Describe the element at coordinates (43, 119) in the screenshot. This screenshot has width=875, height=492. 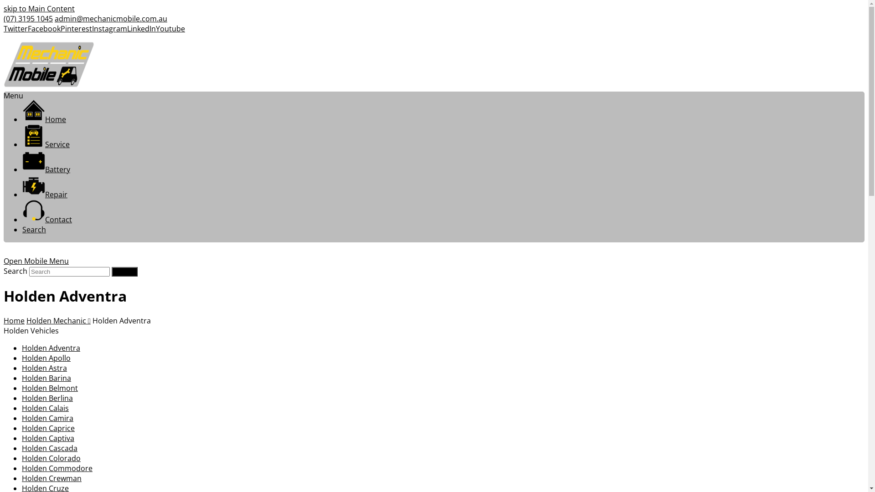
I see `'Home'` at that location.